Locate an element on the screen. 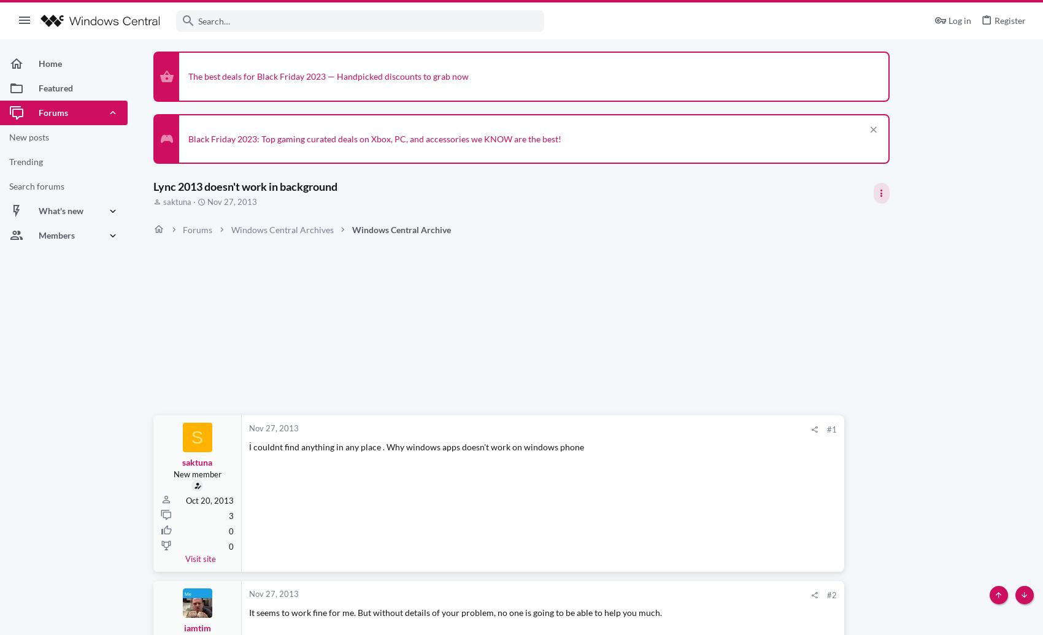  'Oct 20, 2013' is located at coordinates (209, 499).